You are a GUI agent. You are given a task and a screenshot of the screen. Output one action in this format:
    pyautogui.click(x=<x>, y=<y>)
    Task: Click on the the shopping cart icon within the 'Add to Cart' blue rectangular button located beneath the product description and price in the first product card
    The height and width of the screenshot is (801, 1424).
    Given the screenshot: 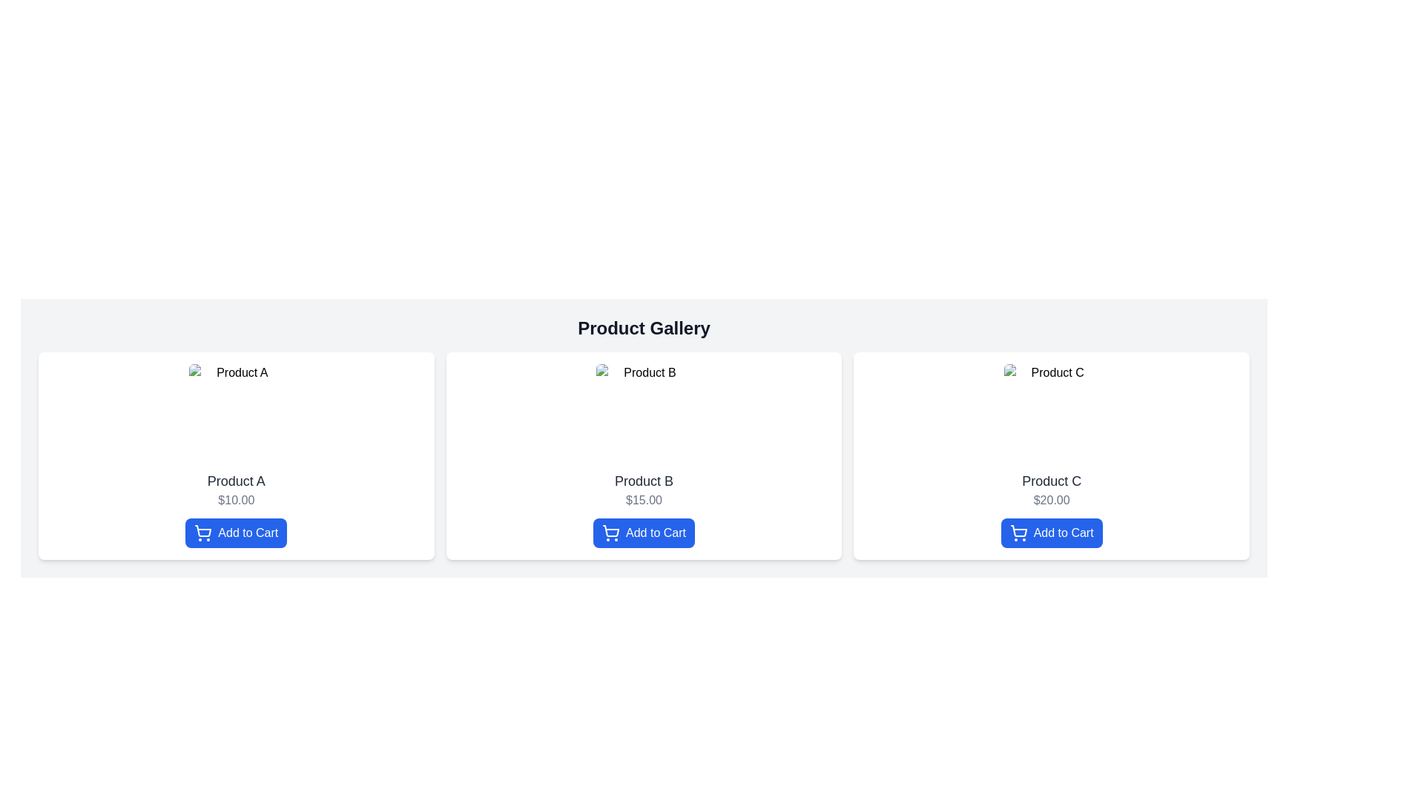 What is the action you would take?
    pyautogui.click(x=202, y=532)
    